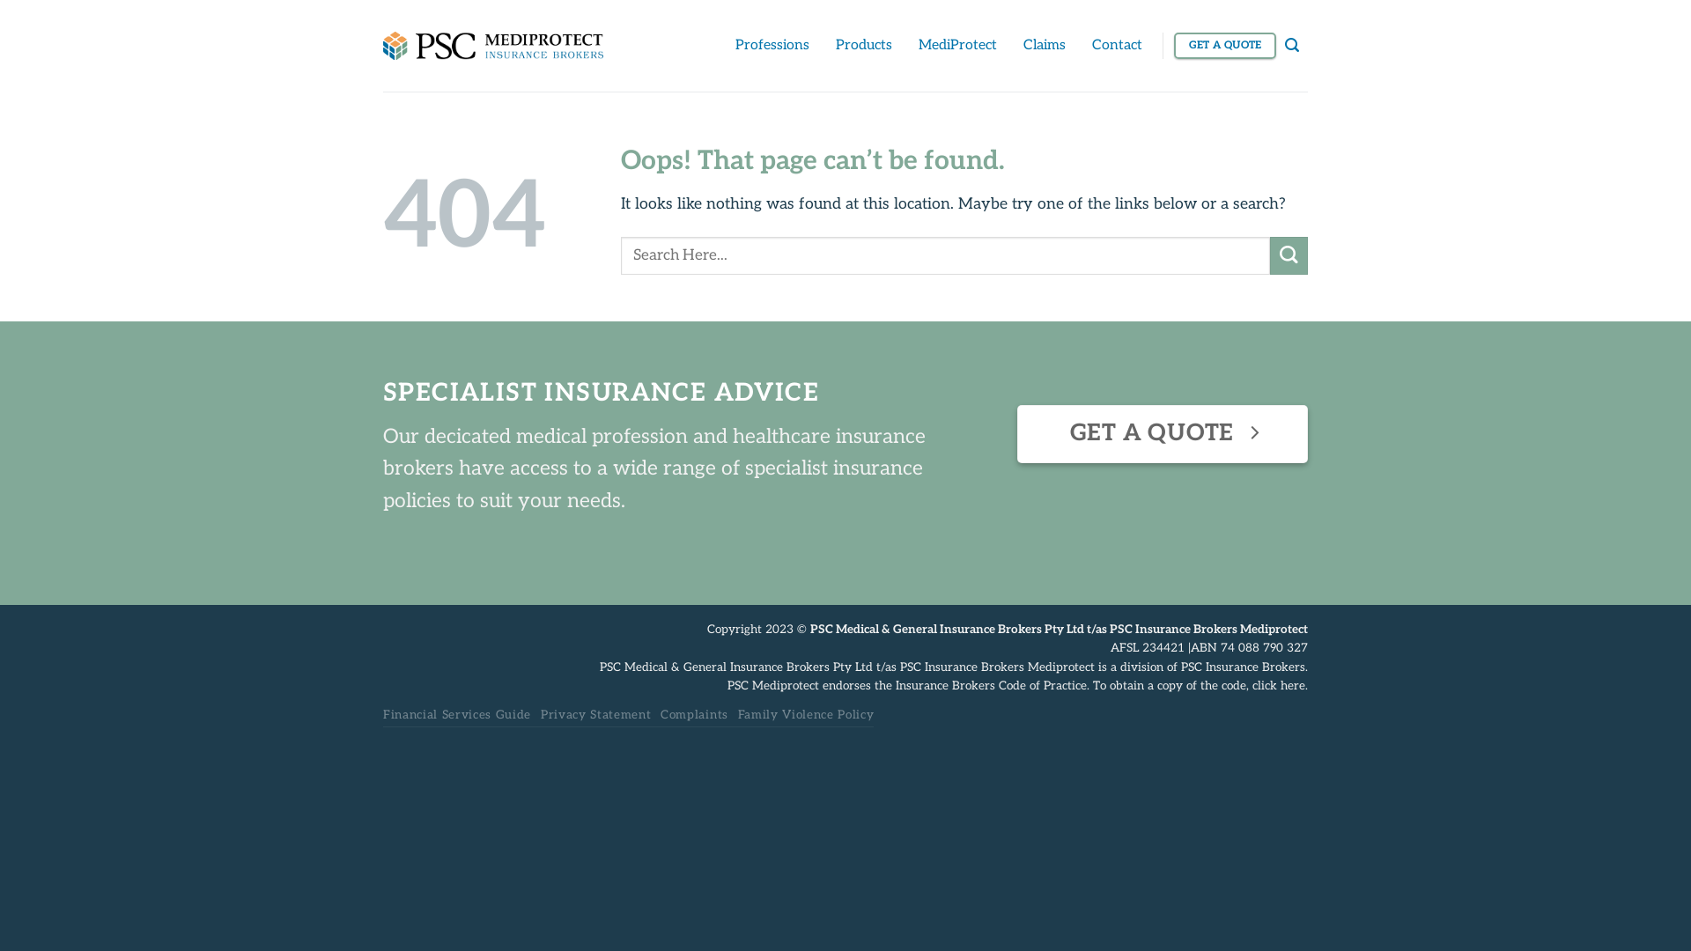 The height and width of the screenshot is (951, 1691). I want to click on 'Complaints', so click(659, 715).